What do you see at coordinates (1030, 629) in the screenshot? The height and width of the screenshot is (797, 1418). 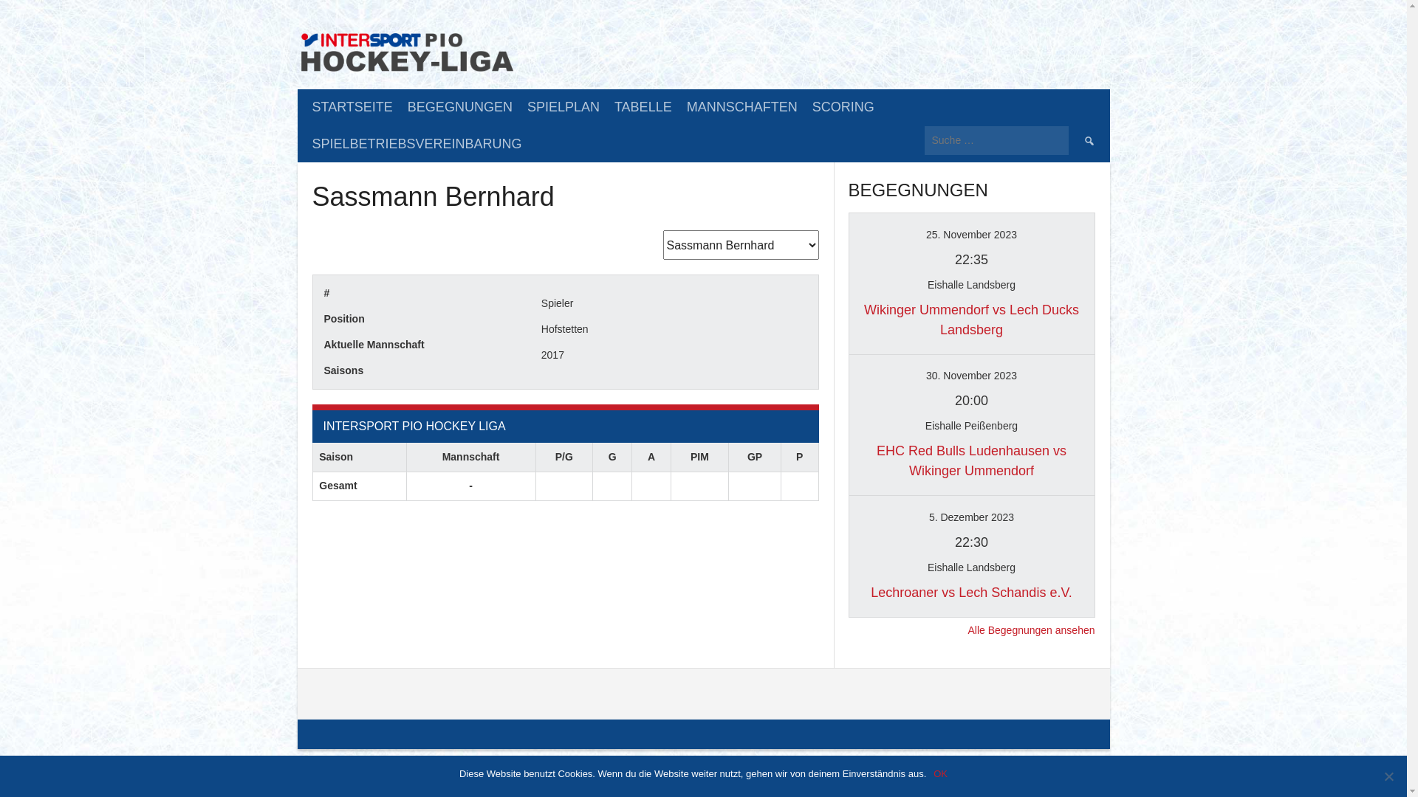 I see `'Alle Begegnungen ansehen'` at bounding box center [1030, 629].